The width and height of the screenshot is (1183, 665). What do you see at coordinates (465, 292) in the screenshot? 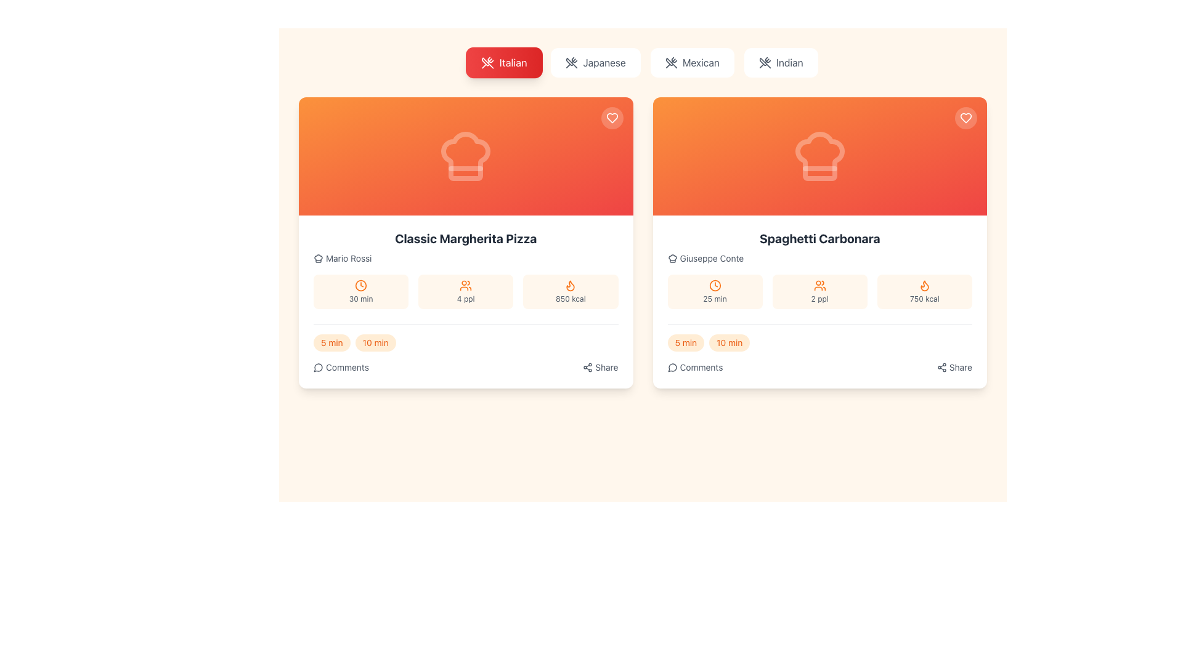
I see `summarized details about the 'Classic Margherita Pizza' recipe from the Summary Details Section, which includes preparation time, servings, and caloric count` at bounding box center [465, 292].